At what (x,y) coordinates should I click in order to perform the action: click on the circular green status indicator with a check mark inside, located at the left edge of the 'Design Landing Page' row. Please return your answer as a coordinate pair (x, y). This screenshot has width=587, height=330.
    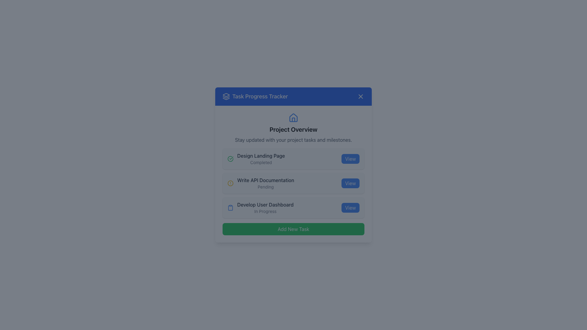
    Looking at the image, I should click on (230, 159).